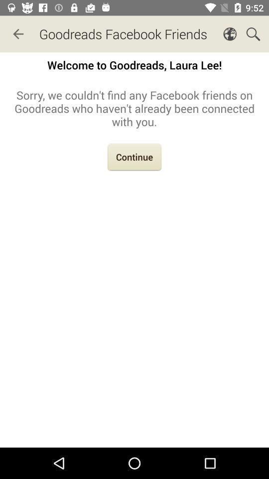 This screenshot has height=479, width=269. Describe the element at coordinates (134, 158) in the screenshot. I see `the icon below the sorry we couldn icon` at that location.